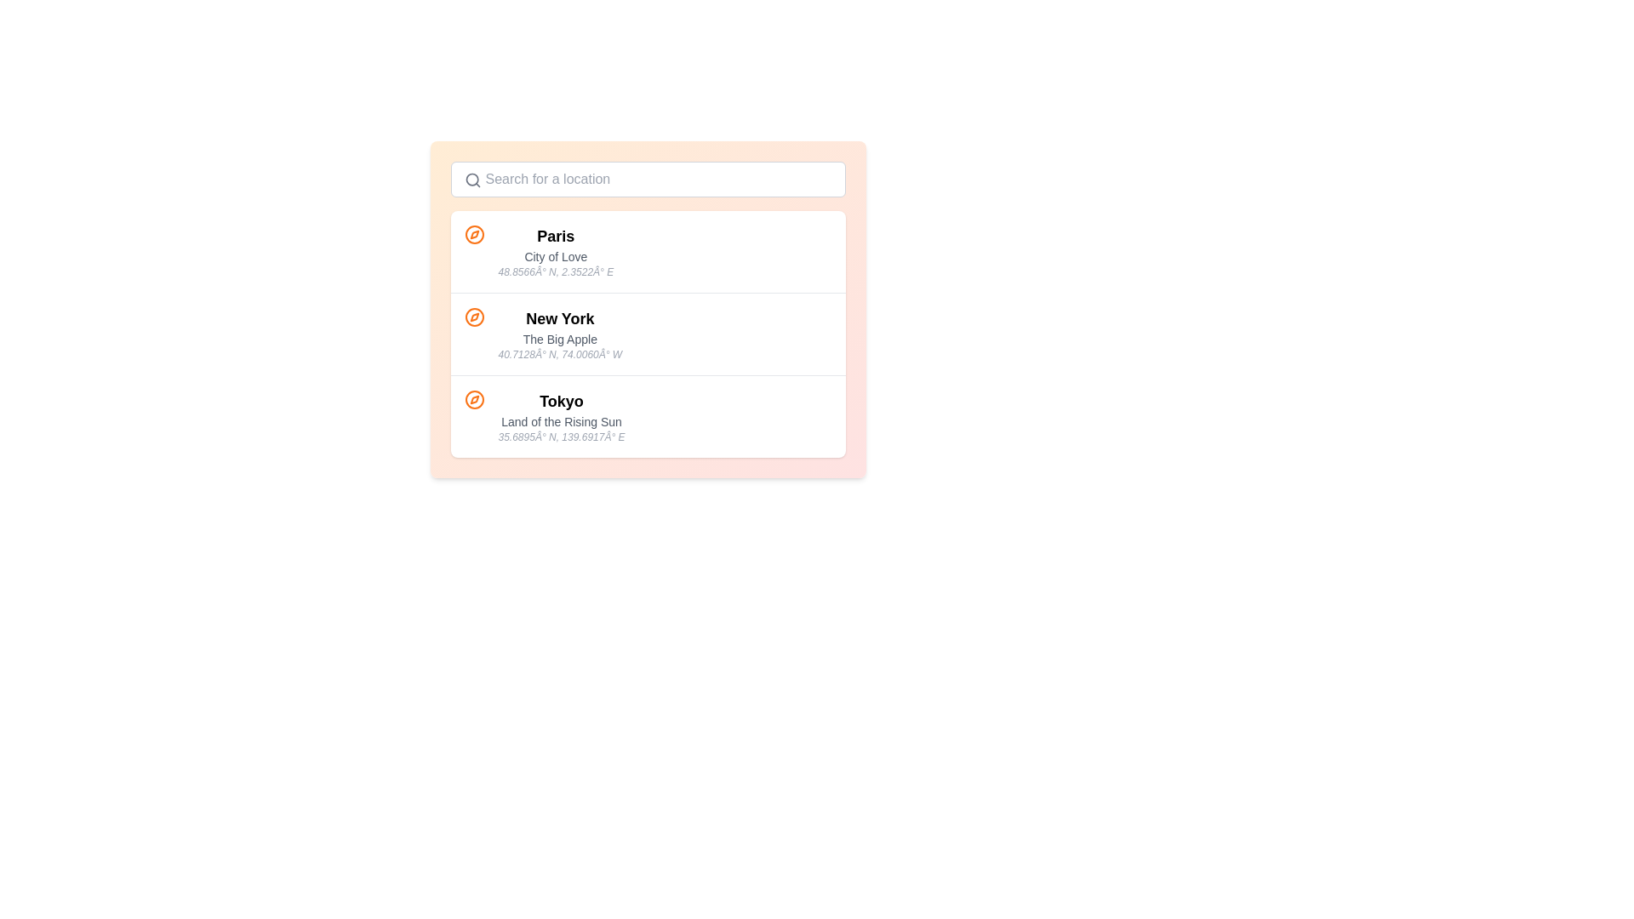  Describe the element at coordinates (474, 317) in the screenshot. I see `the circle SVG element located next to the text label 'New York', which serves as a visual indicator in the iconography` at that location.